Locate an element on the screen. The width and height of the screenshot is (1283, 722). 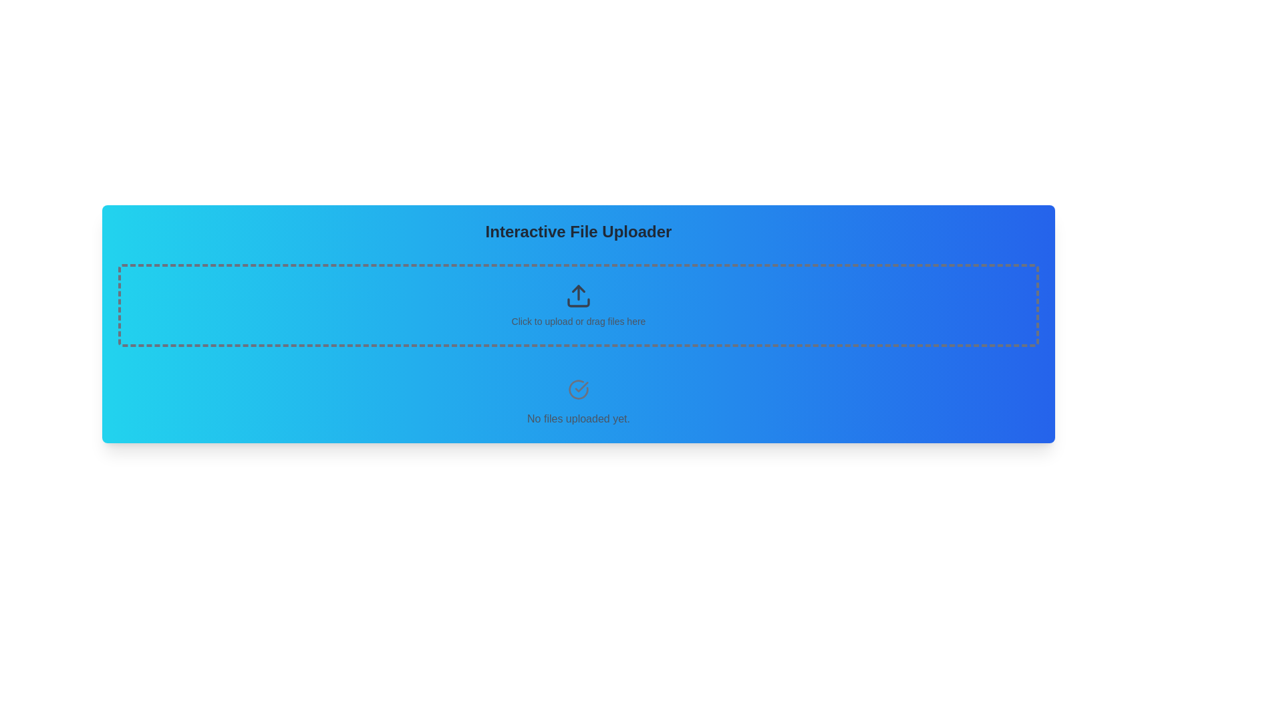
the informational text block that reads 'No files uploaded yet.' with a check mark icon above it, which is located at the bottom of the 'Interactive File Uploader' section is located at coordinates (578, 402).